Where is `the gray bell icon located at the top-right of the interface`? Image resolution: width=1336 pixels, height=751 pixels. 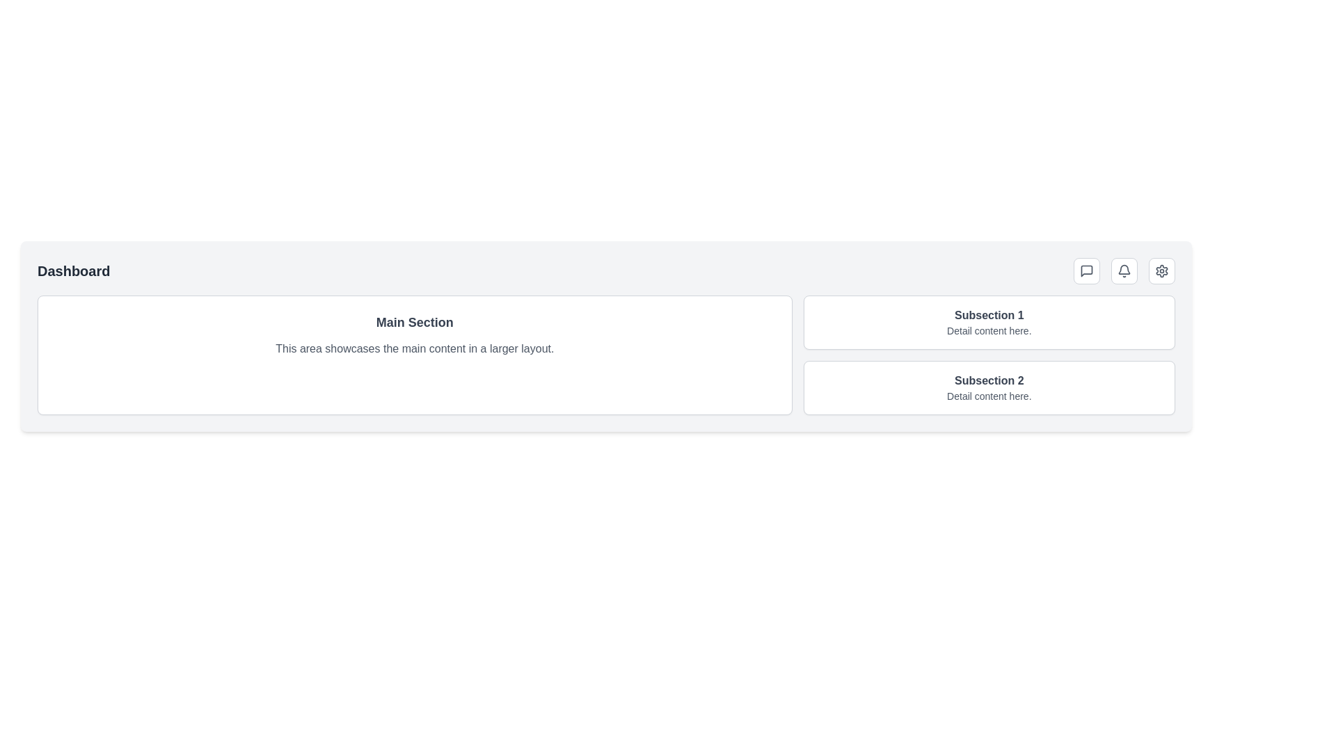
the gray bell icon located at the top-right of the interface is located at coordinates (1124, 270).